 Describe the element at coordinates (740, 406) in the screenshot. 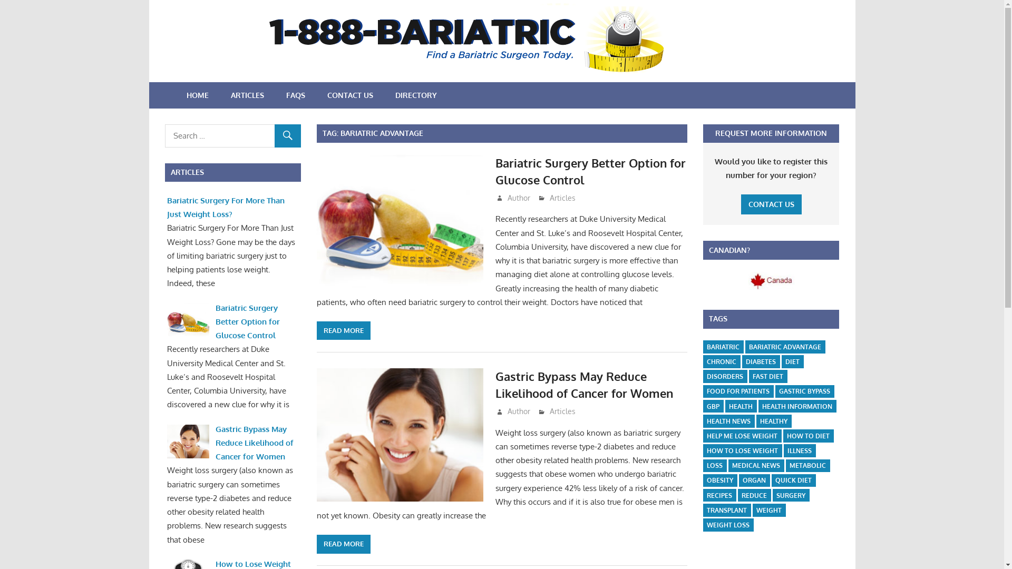

I see `'HEALTH'` at that location.